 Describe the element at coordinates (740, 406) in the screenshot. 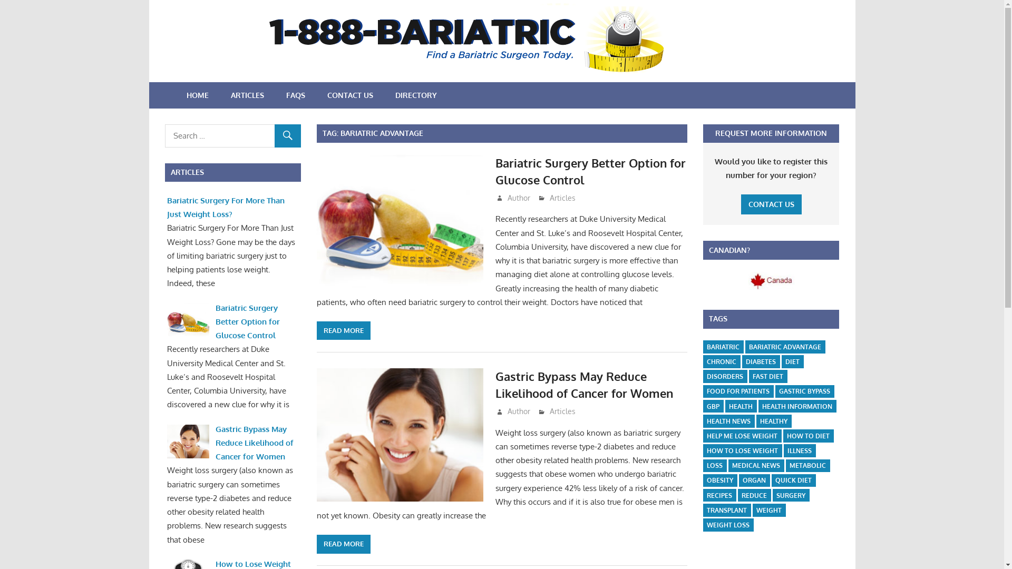

I see `'HEALTH'` at that location.